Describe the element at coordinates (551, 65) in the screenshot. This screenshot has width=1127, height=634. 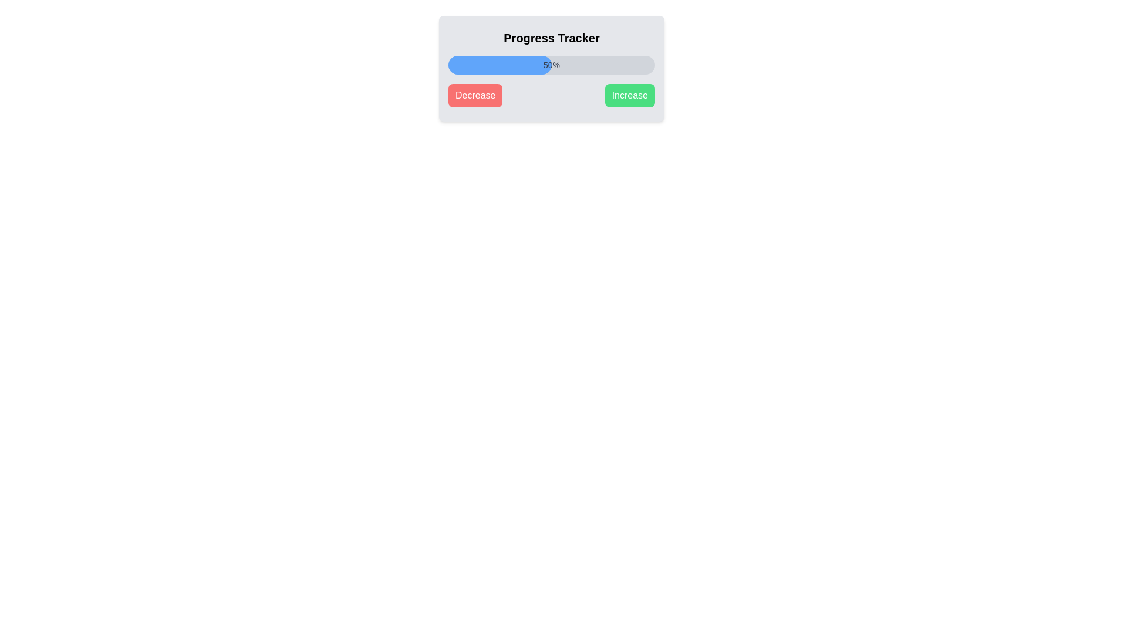
I see `the progress bar that visually represents task completion, located below the header 'Progress Tracker' and above the 'Decrease' and 'Increase' buttons` at that location.